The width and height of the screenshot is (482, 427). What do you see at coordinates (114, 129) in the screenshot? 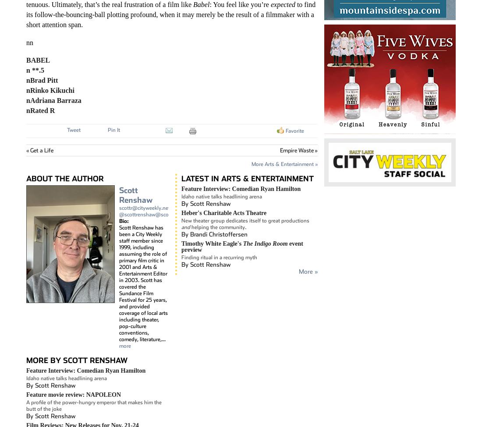
I see `'Pin It'` at bounding box center [114, 129].